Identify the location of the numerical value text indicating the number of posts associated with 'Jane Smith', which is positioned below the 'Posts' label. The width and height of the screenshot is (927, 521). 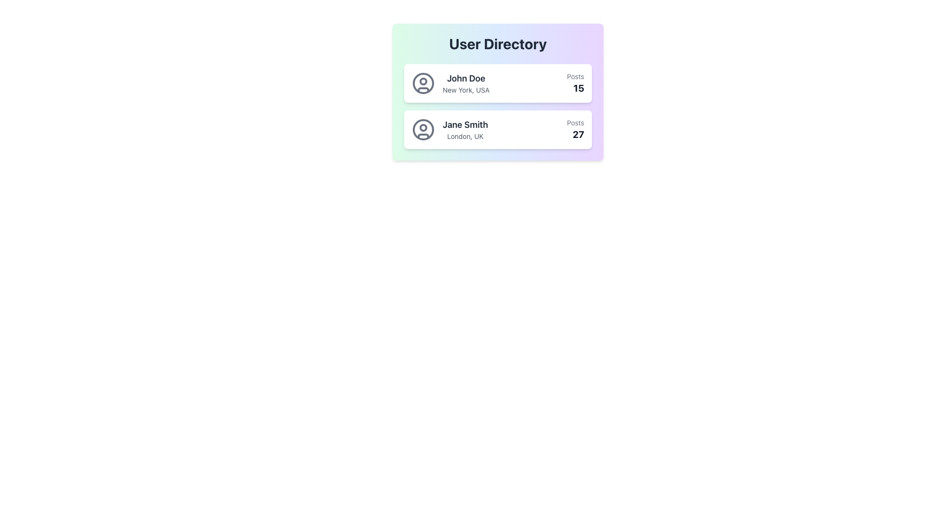
(576, 134).